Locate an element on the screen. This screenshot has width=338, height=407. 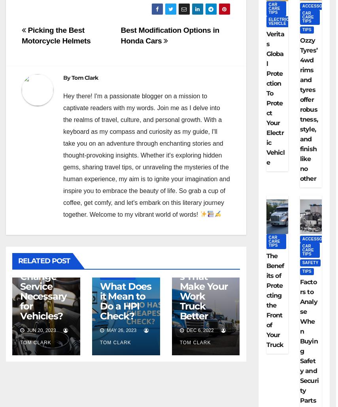
'The Benefits of Protecting the Front of Your Truck' is located at coordinates (274, 300).